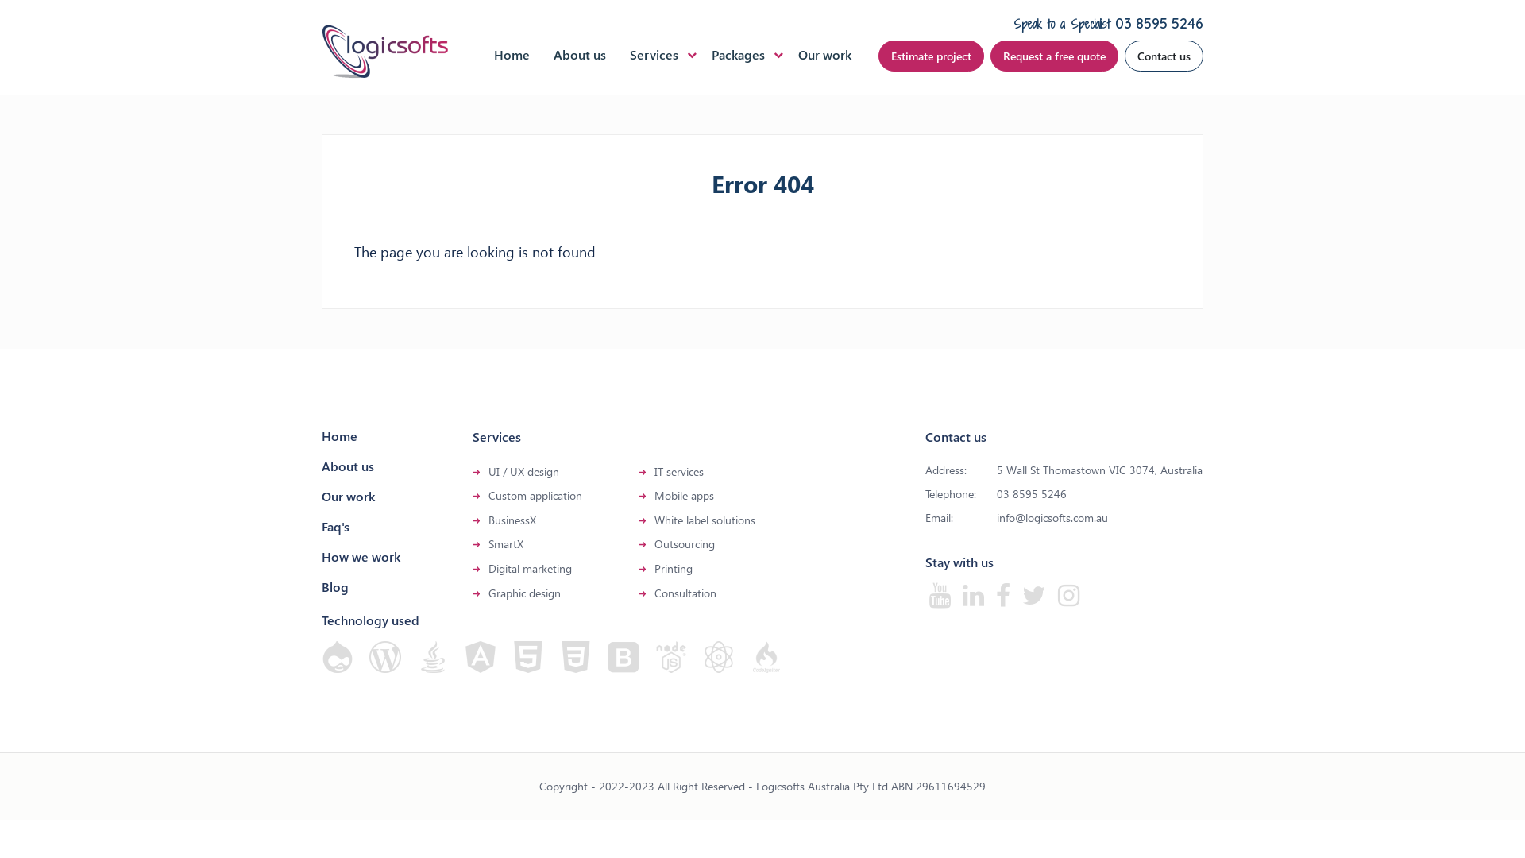 The image size is (1525, 858). I want to click on 'SmartX', so click(505, 543).